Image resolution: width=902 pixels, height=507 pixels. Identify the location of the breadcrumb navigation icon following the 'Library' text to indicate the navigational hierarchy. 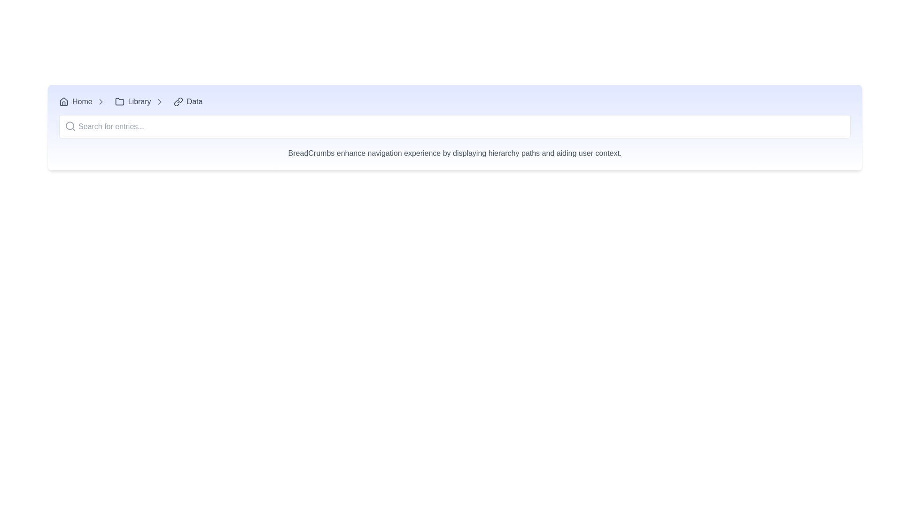
(159, 101).